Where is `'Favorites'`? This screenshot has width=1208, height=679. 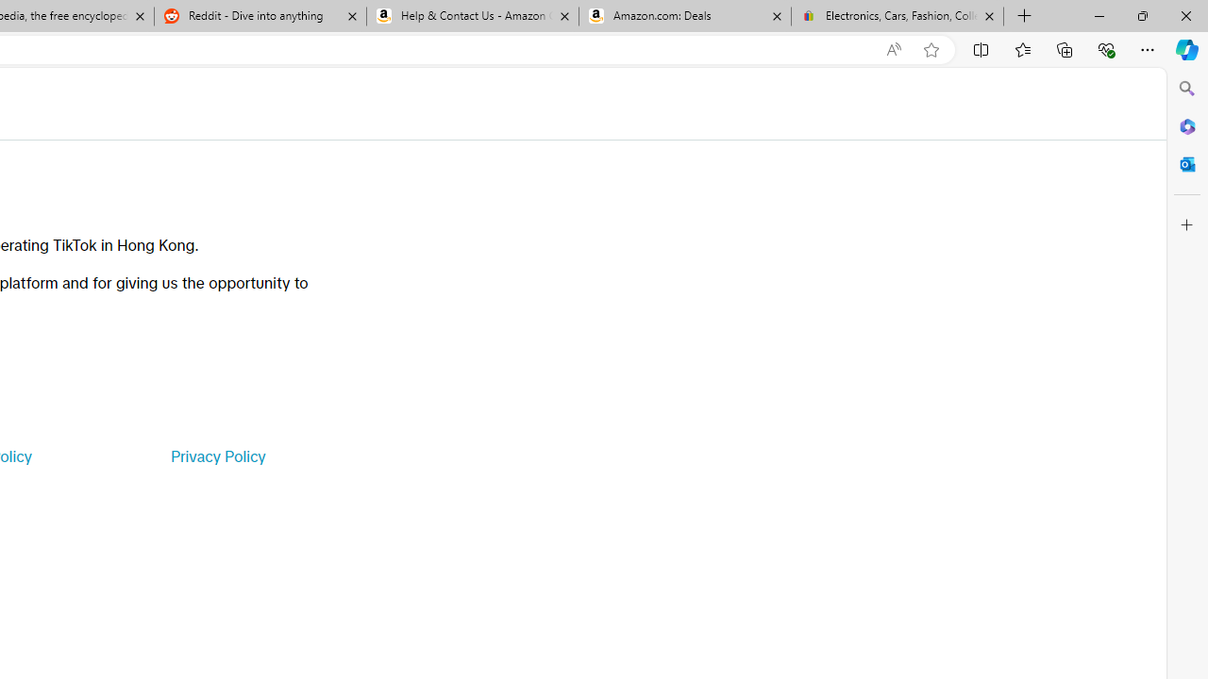
'Favorites' is located at coordinates (1021, 48).